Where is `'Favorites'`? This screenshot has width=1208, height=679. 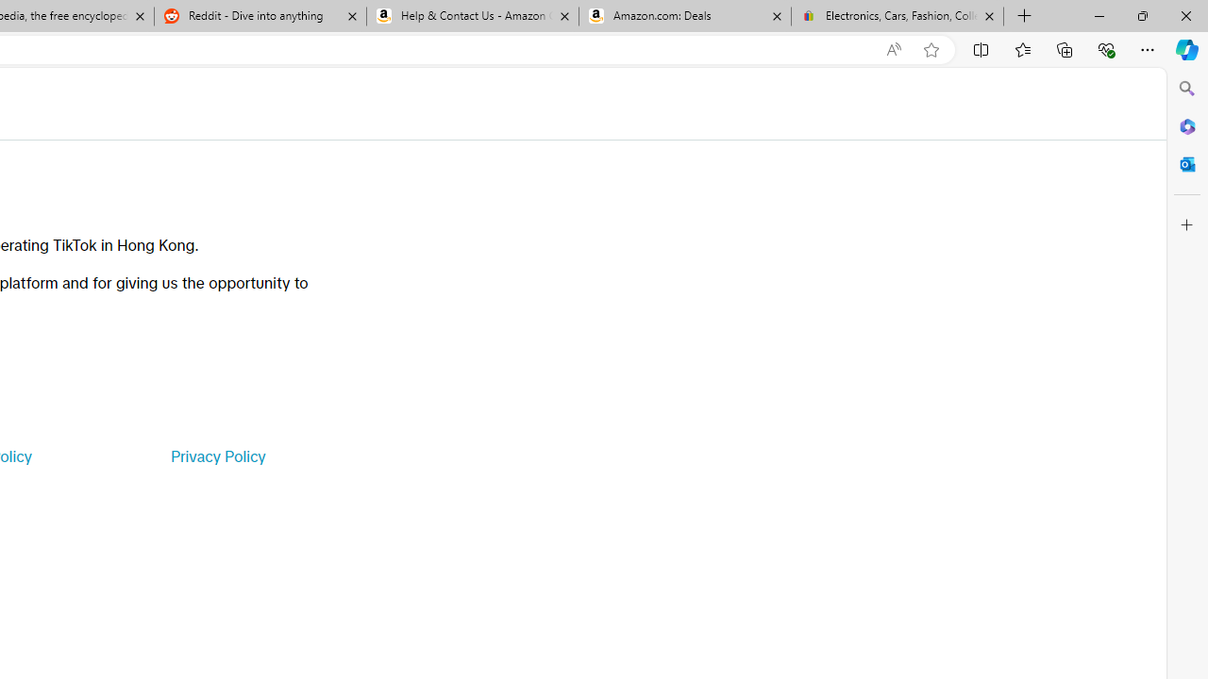
'Favorites' is located at coordinates (1021, 48).